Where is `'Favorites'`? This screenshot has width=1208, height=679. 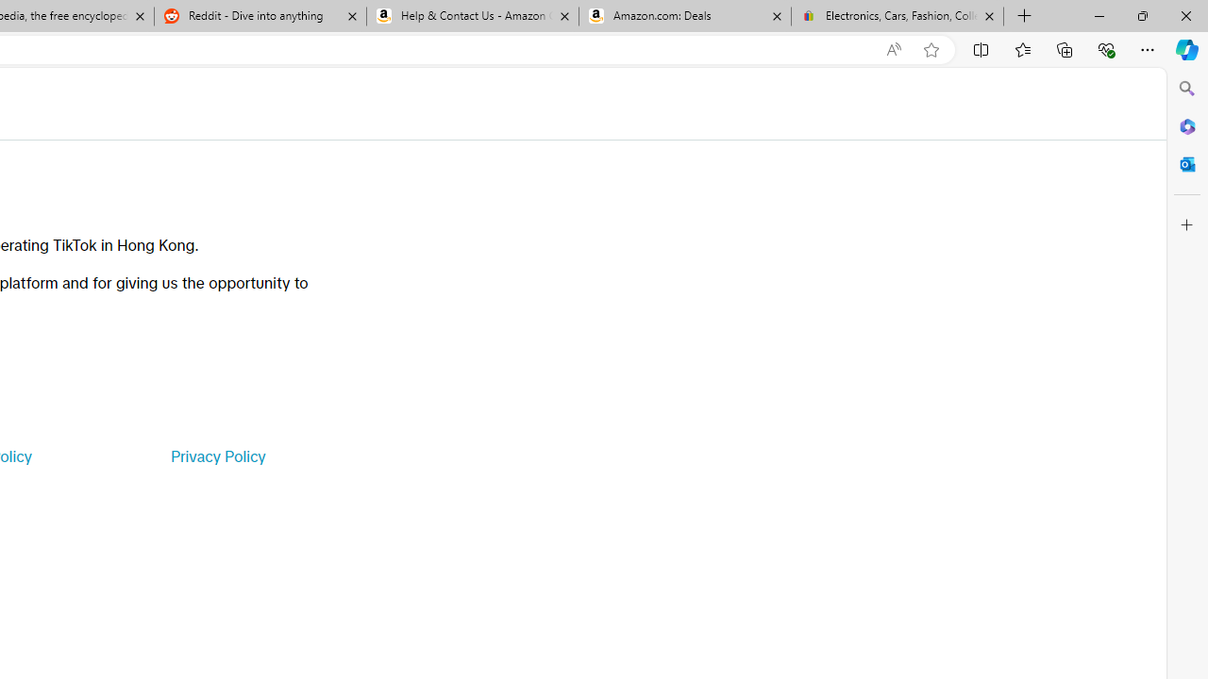
'Favorites' is located at coordinates (1021, 48).